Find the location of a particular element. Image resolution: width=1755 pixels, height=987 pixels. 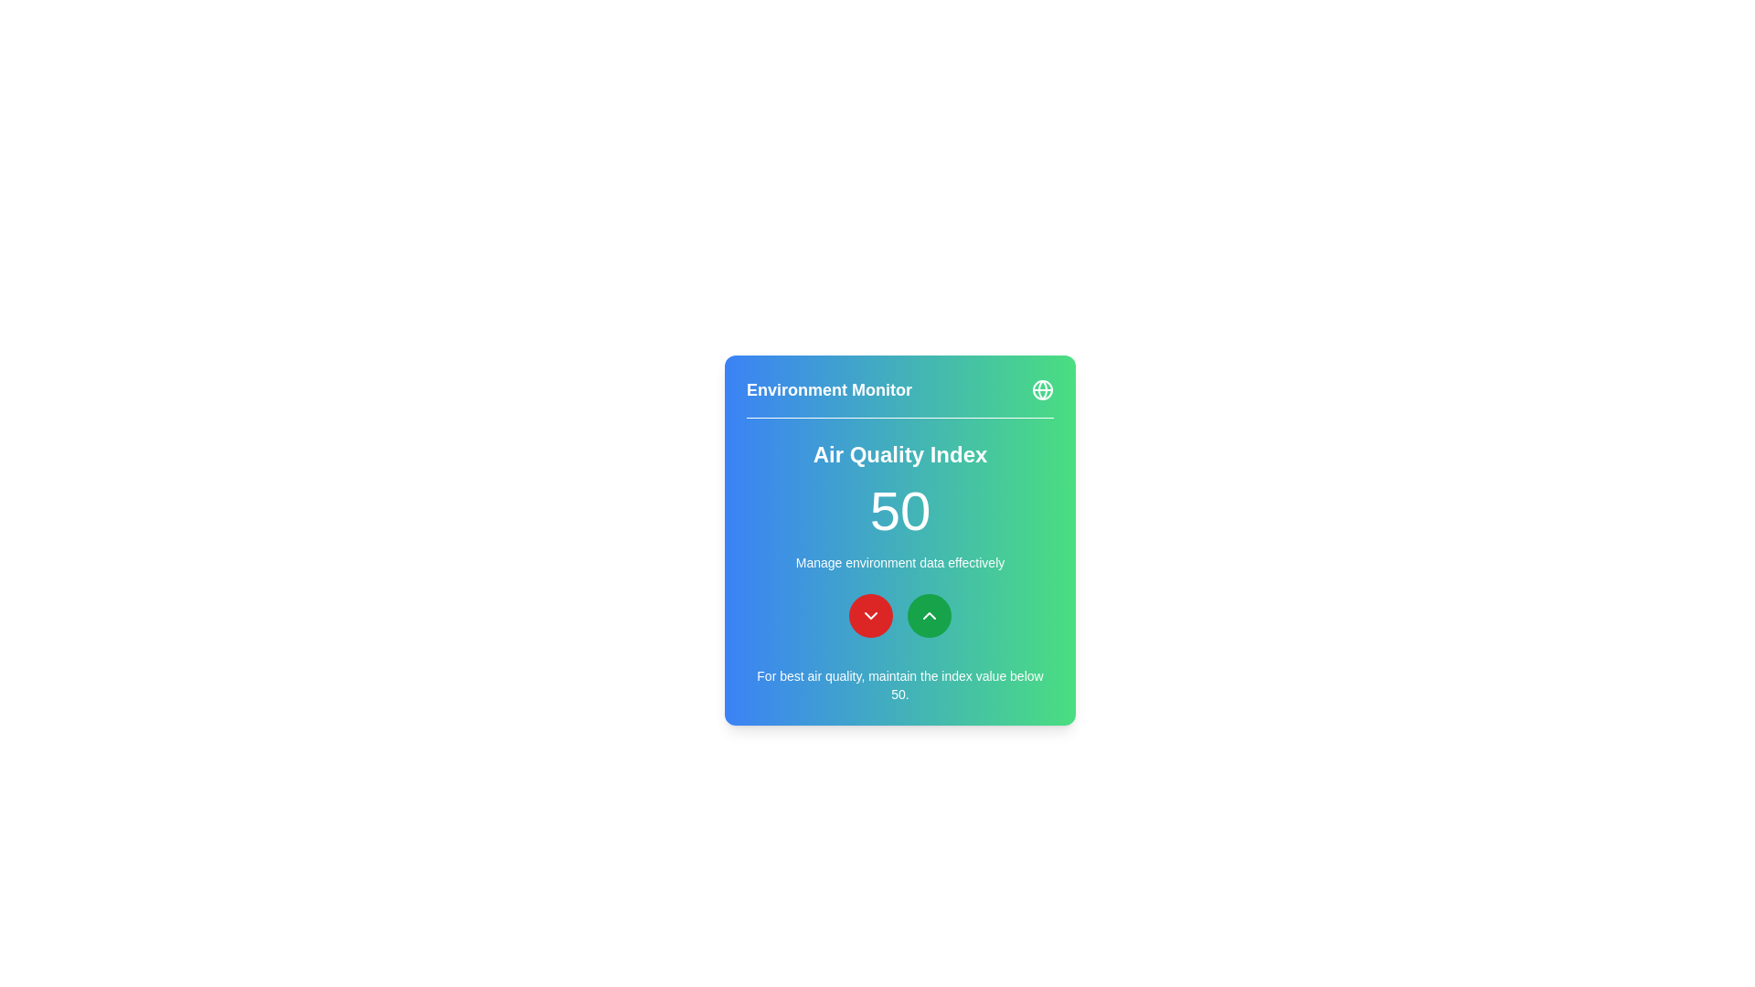

the static text label that provides additional context about managing environmental data, located below the '50' and 'Air Quality Index' in the card UI component is located at coordinates (899, 562).